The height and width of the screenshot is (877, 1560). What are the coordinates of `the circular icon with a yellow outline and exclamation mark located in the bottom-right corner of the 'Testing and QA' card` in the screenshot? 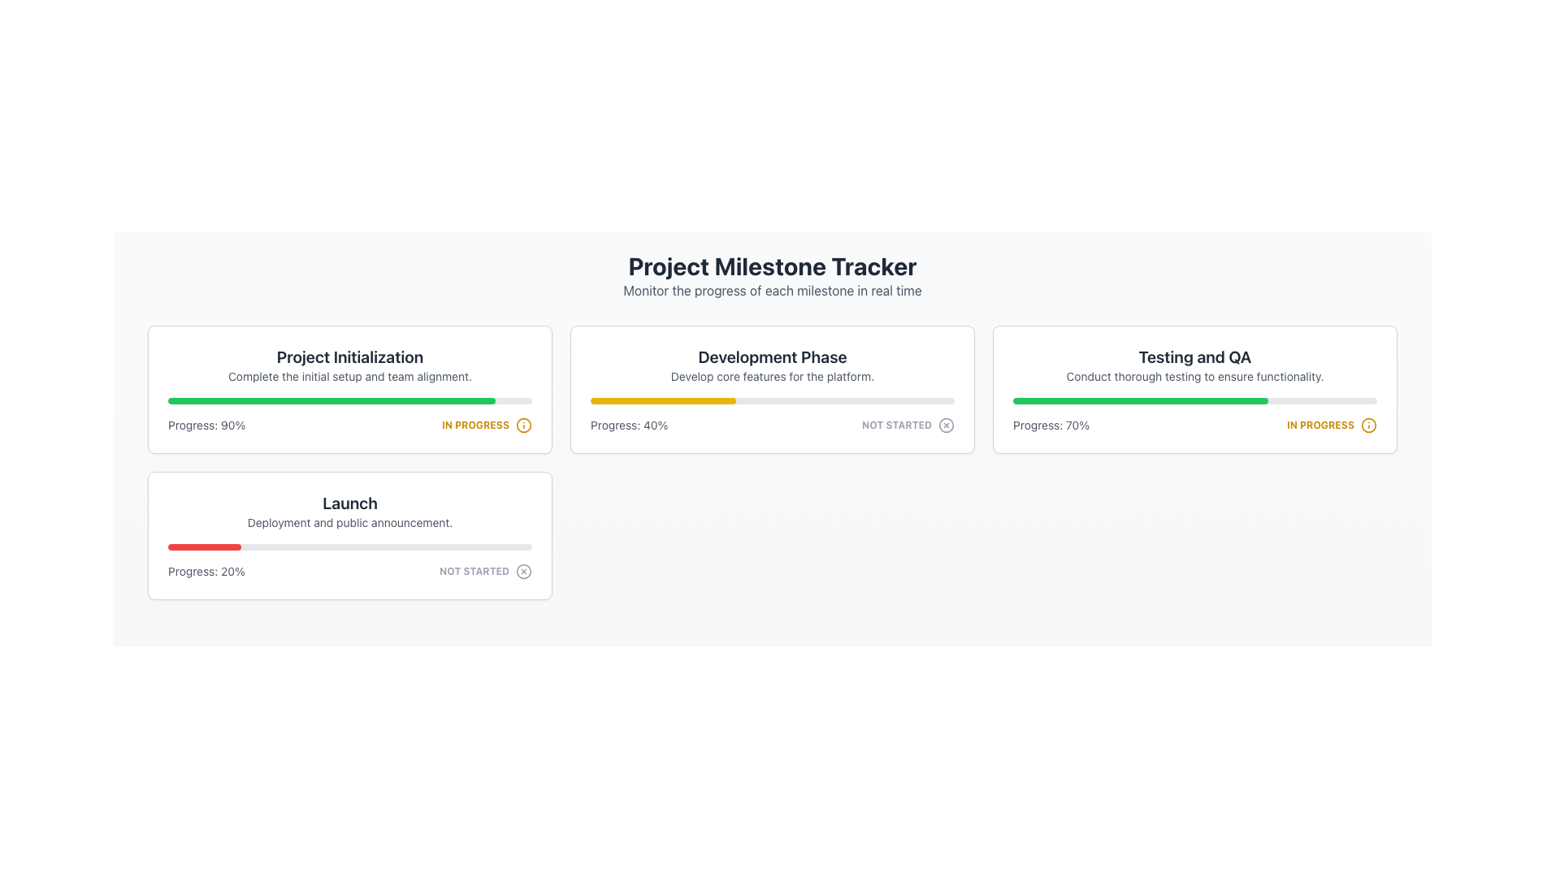 It's located at (1367, 425).